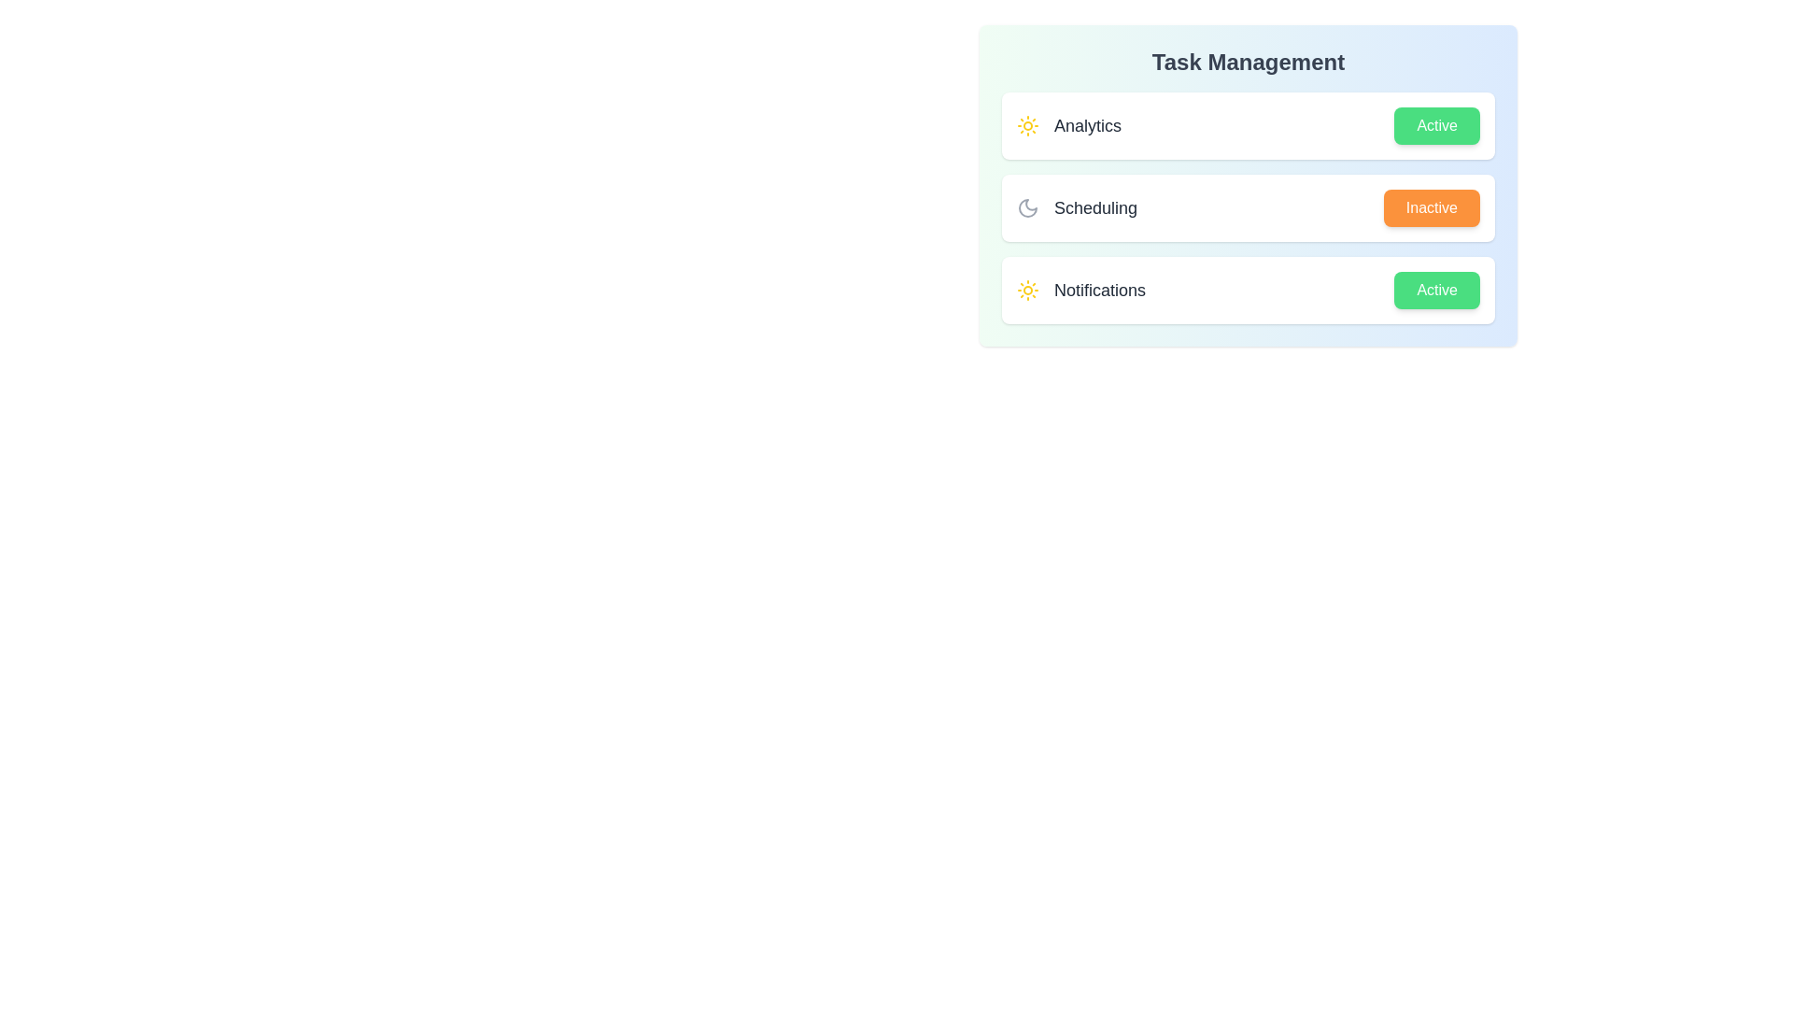 The image size is (1793, 1009). I want to click on the description of the task Analytics, so click(1069, 126).